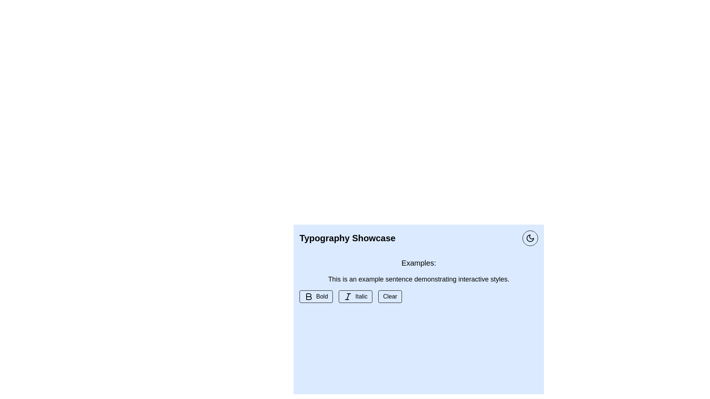 The width and height of the screenshot is (710, 399). I want to click on the moon icon button at the top-right corner of the header section, so click(530, 238).